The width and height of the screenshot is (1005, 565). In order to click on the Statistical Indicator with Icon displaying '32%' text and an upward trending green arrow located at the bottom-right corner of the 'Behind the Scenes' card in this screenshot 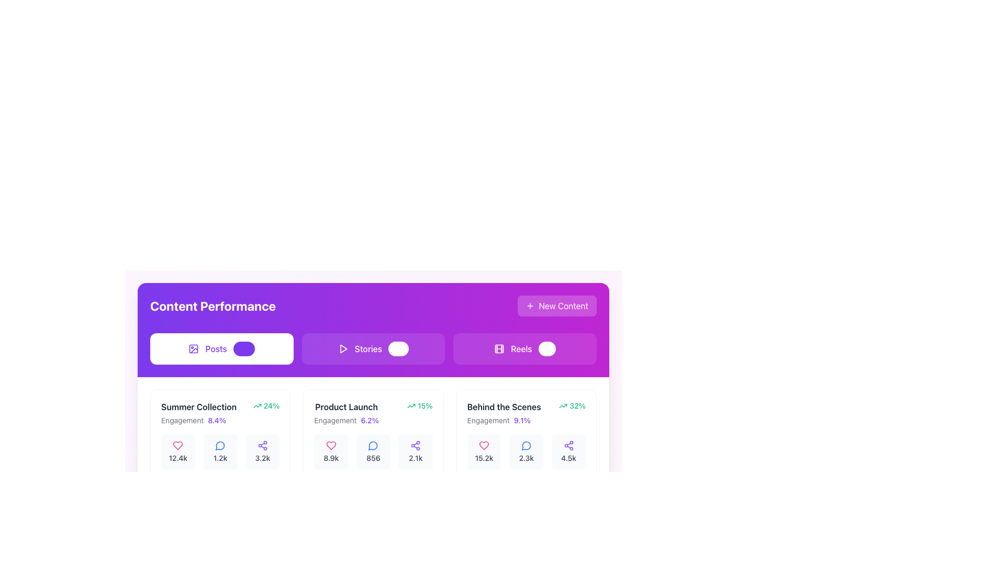, I will do `click(572, 405)`.